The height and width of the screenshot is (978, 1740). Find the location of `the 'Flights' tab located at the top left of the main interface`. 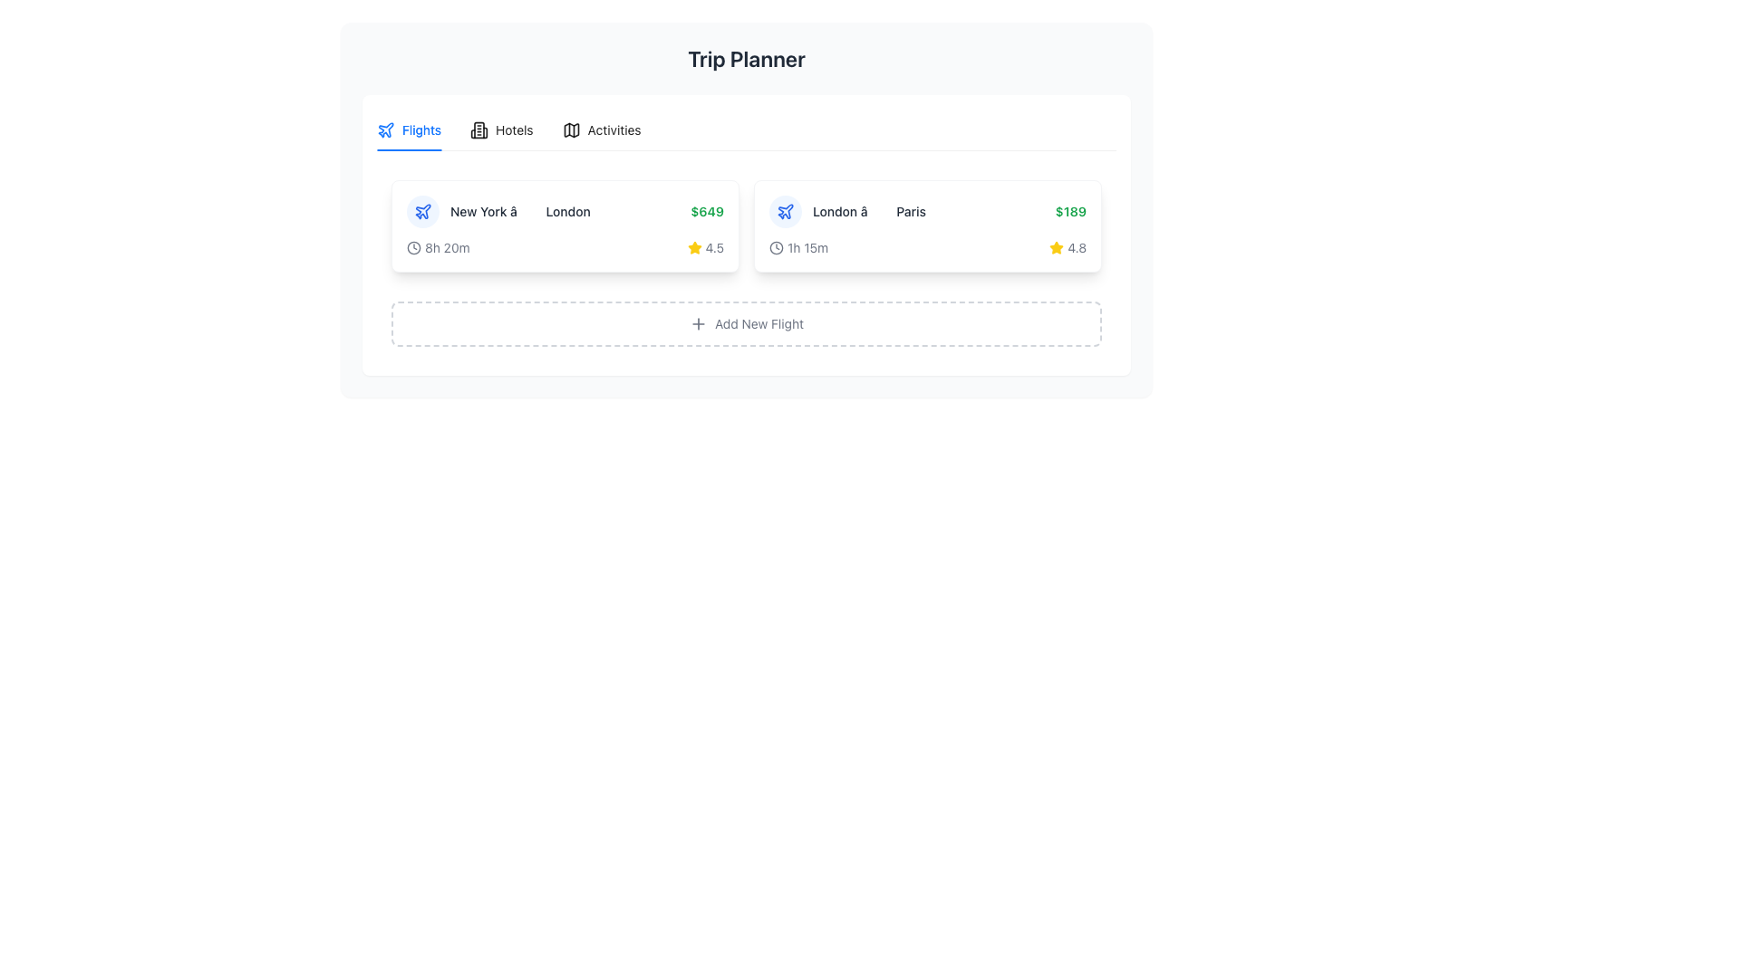

the 'Flights' tab located at the top left of the main interface is located at coordinates (408, 129).